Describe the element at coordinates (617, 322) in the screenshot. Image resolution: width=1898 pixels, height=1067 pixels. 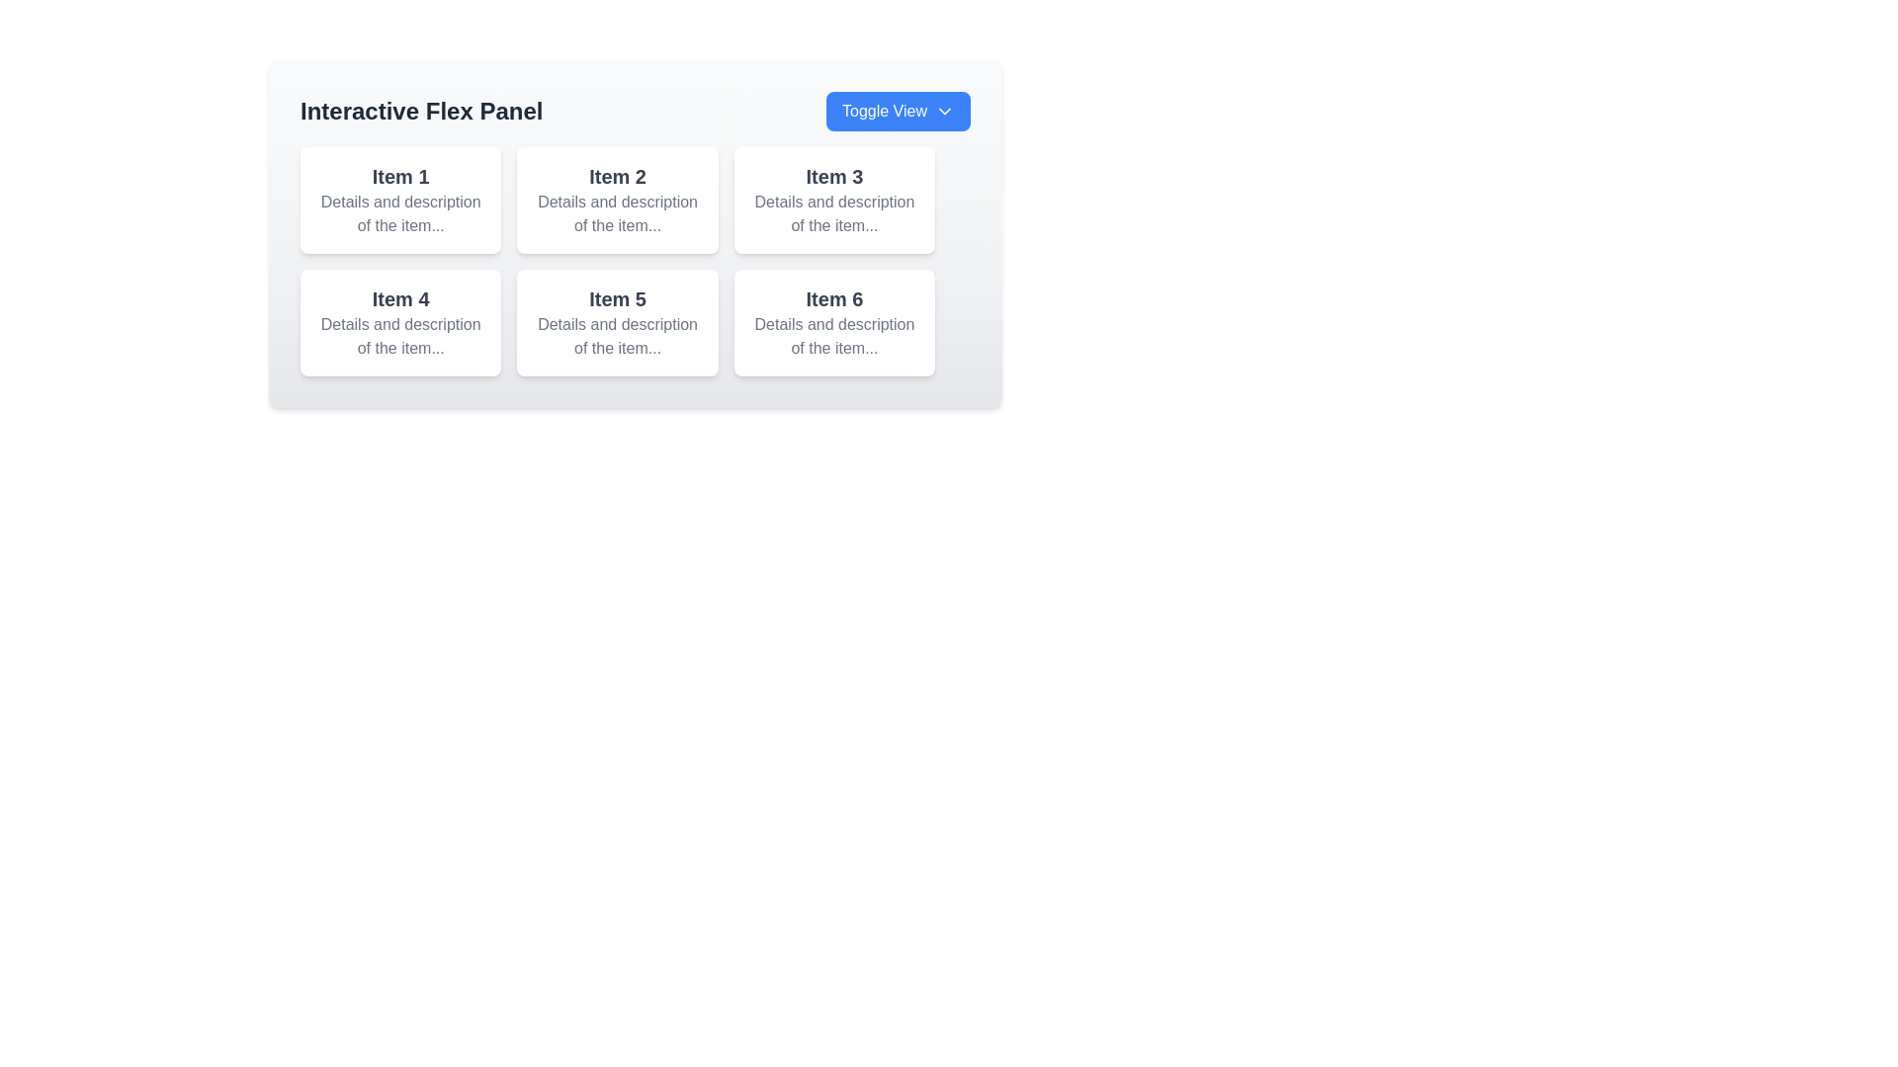
I see `the card component displaying 'Item 5' with a brief description 'Details and description of the item...' located in the second row, second column of a grid layout` at that location.